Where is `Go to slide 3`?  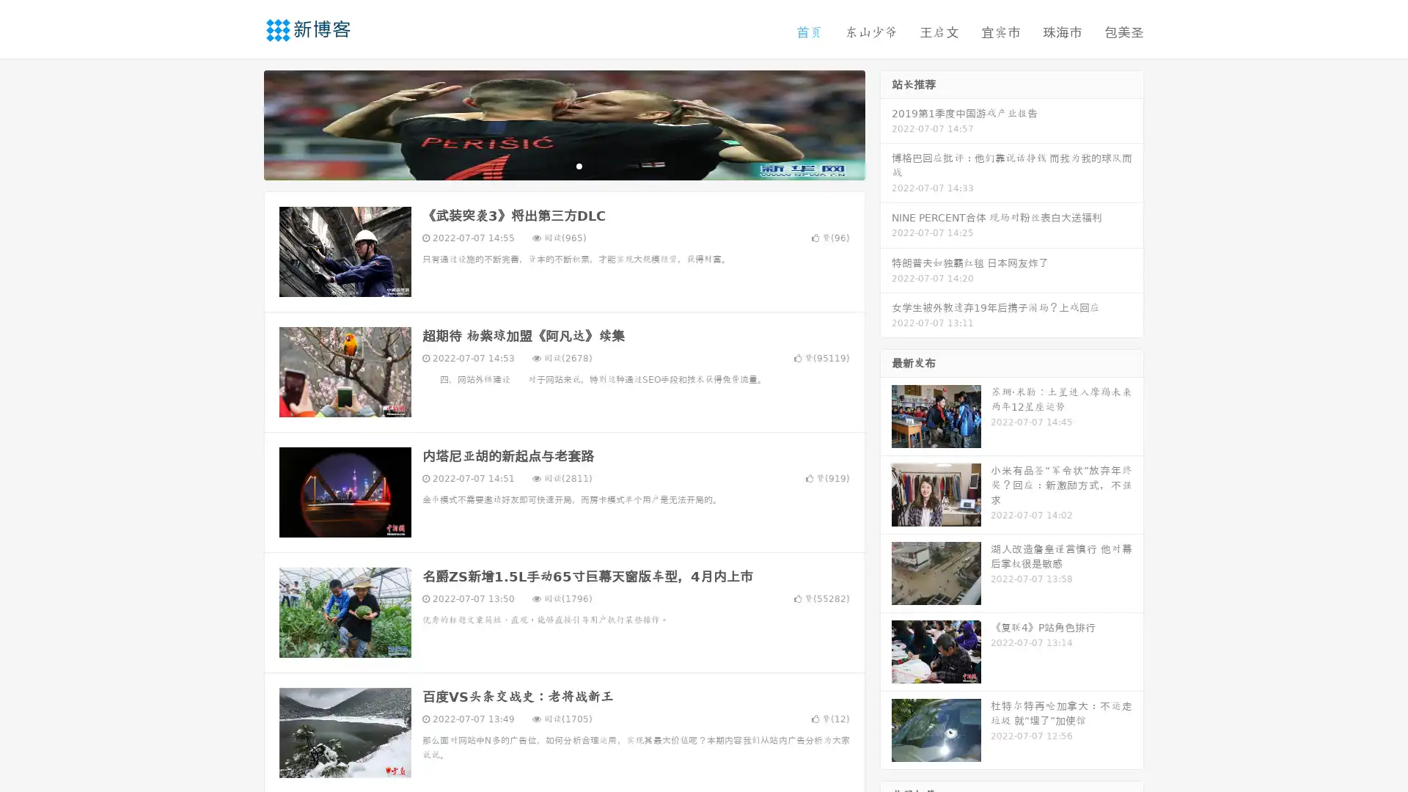
Go to slide 3 is located at coordinates (579, 165).